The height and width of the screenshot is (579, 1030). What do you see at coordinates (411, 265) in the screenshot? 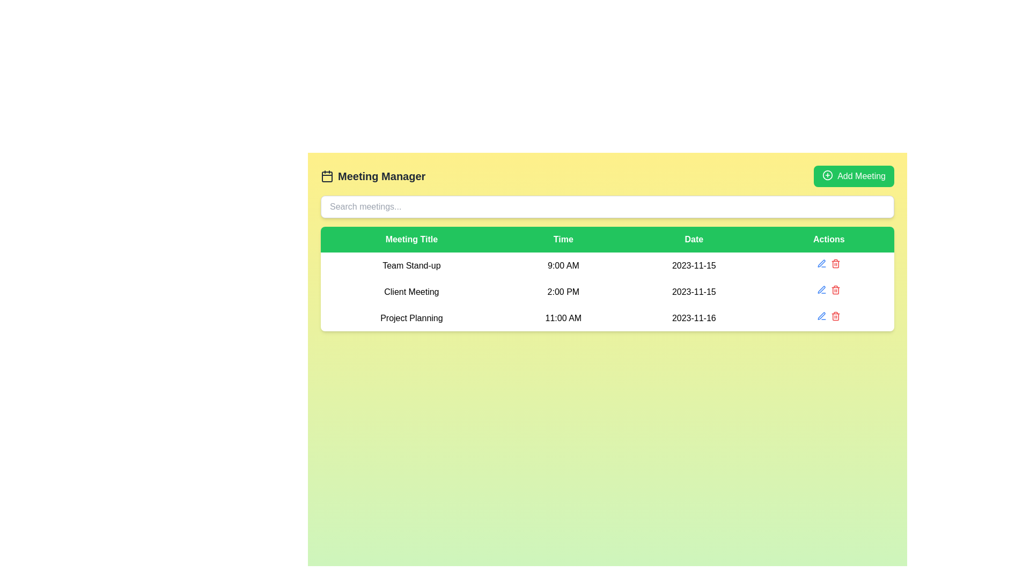
I see `the Text label displaying the title of the meeting, 'Team Stand-up', located in the 'Meeting Title' column of the schedule` at bounding box center [411, 265].